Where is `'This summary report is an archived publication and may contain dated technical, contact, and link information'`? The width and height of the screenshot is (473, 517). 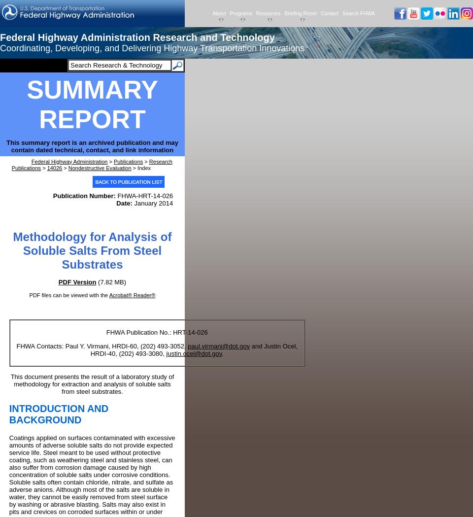
'This summary report is an archived publication and may contain dated technical, contact, and link information' is located at coordinates (92, 146).